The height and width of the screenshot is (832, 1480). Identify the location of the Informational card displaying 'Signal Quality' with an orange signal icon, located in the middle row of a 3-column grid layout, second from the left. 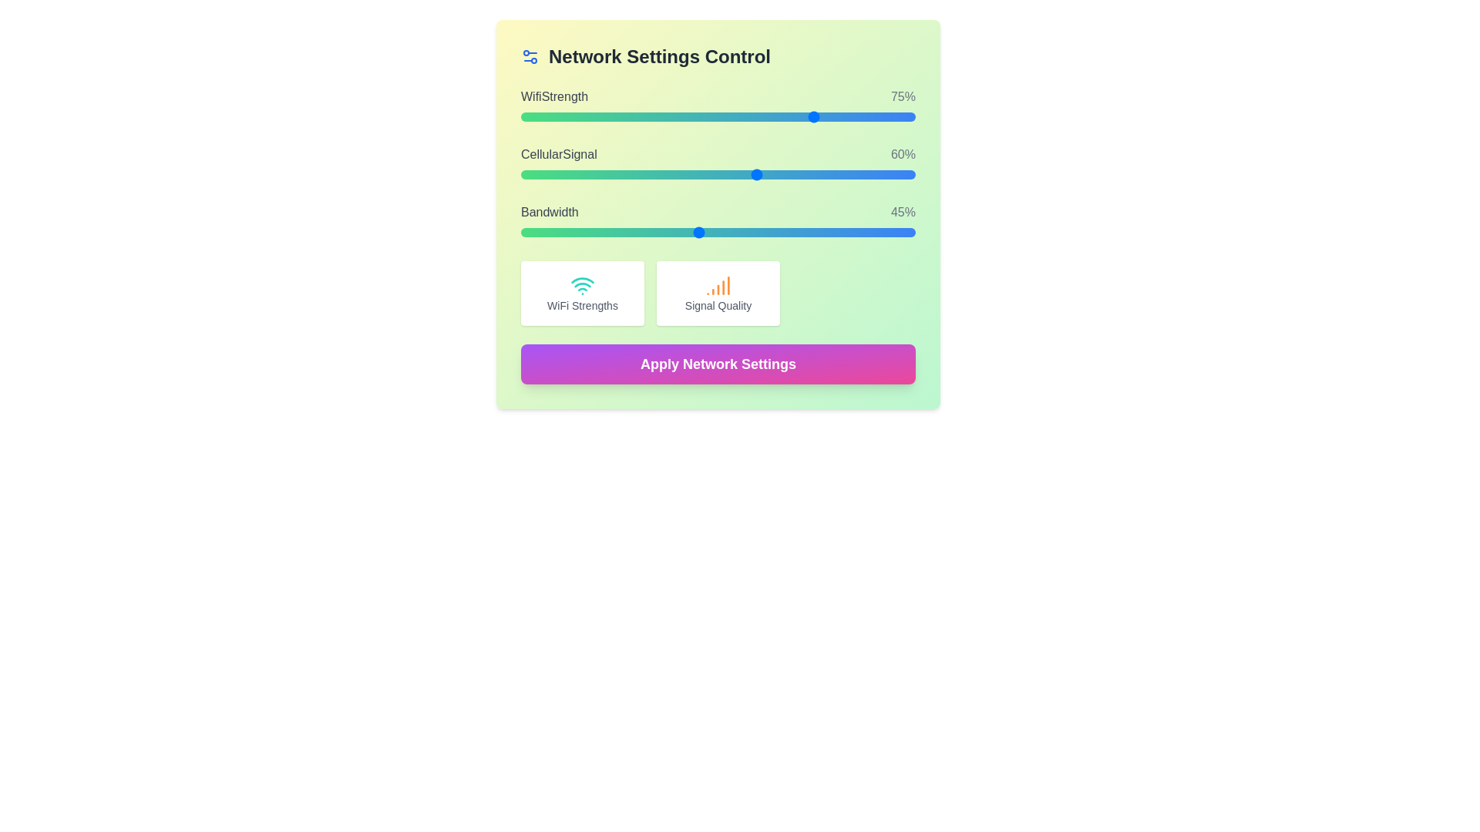
(717, 294).